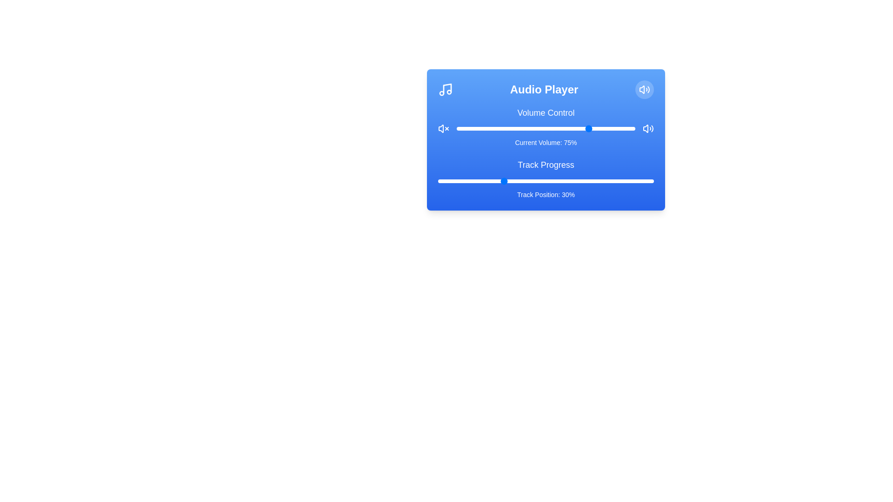 The width and height of the screenshot is (893, 502). I want to click on track position, so click(558, 181).